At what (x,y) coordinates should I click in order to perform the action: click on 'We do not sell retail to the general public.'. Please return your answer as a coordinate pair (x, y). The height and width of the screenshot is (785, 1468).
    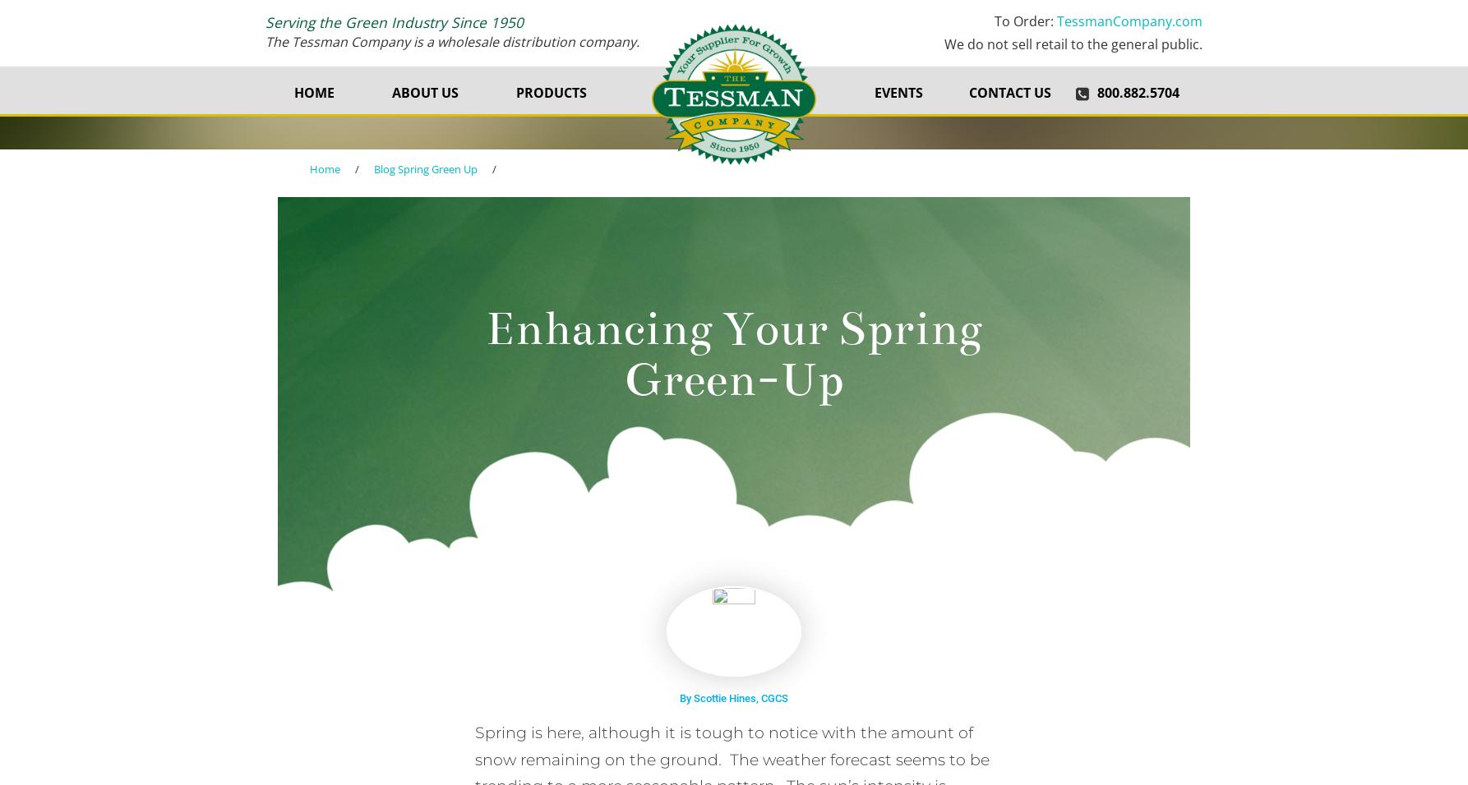
    Looking at the image, I should click on (1073, 42).